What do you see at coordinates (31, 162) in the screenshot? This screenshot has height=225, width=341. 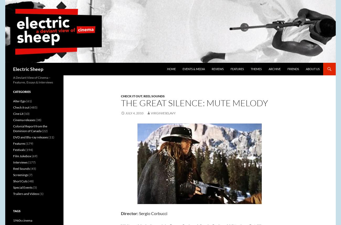 I see `'(177)'` at bounding box center [31, 162].